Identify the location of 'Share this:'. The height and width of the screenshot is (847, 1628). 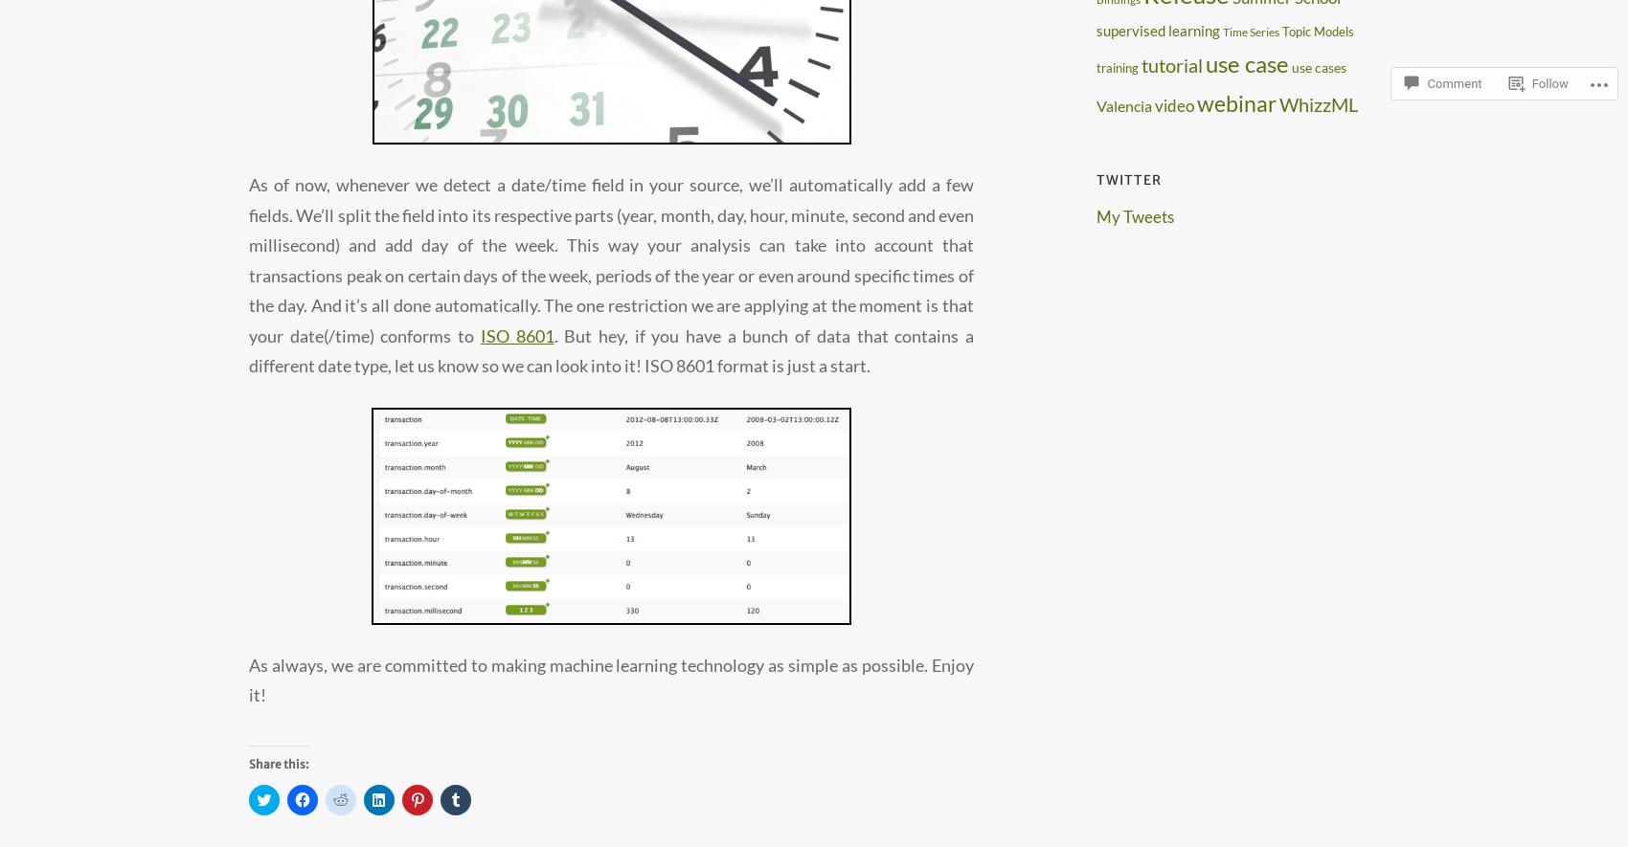
(248, 762).